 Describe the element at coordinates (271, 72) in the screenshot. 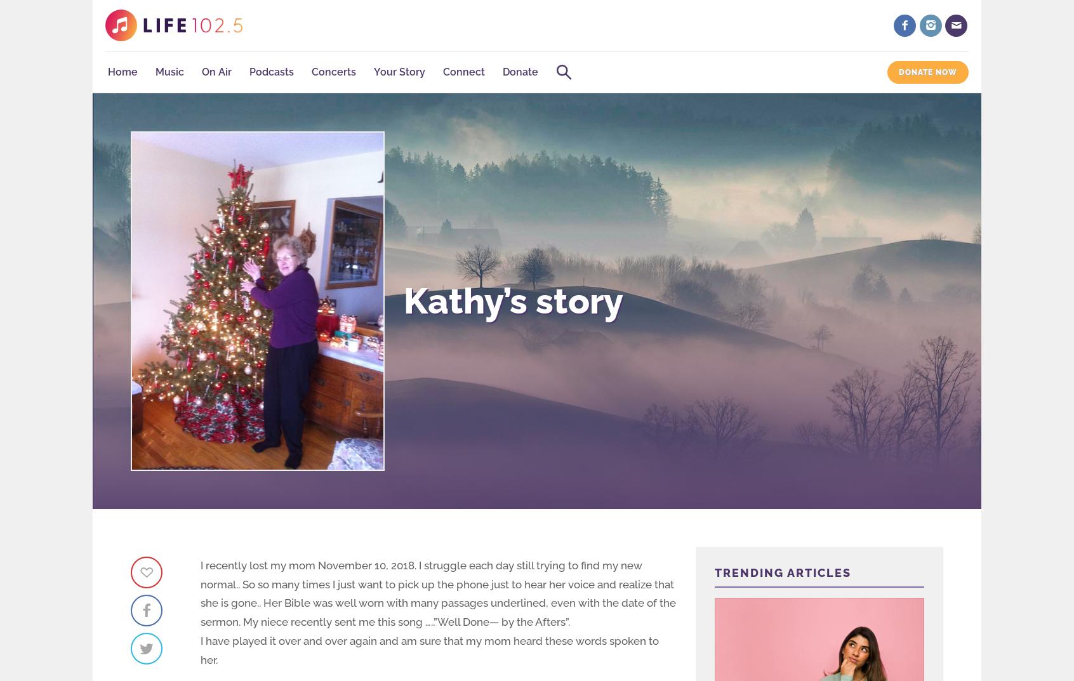

I see `'Podcasts'` at that location.